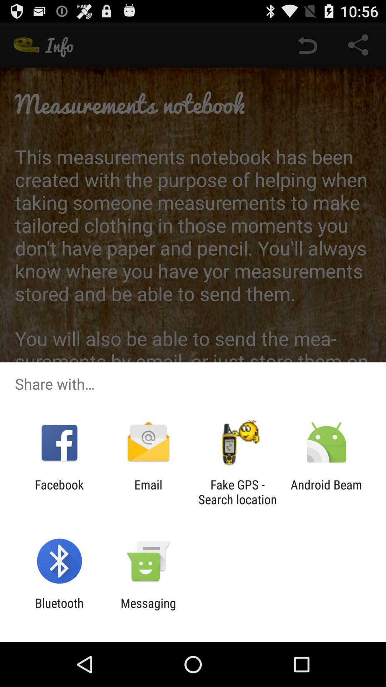  I want to click on the android beam icon, so click(326, 492).